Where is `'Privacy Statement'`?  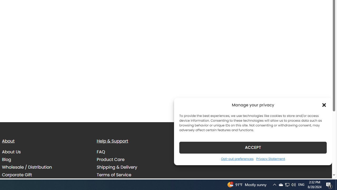
'Privacy Statement' is located at coordinates (270, 158).